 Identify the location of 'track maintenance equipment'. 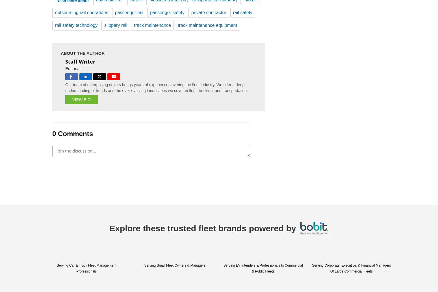
(207, 25).